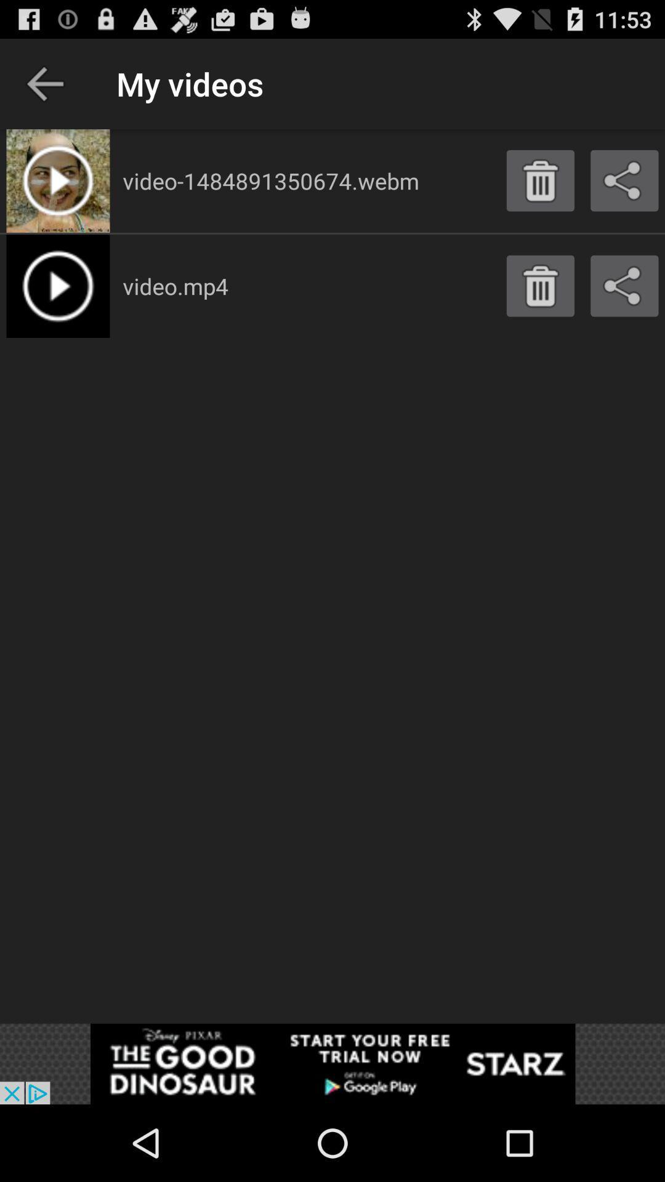  What do you see at coordinates (332, 1063) in the screenshot?
I see `switch autoplay option` at bounding box center [332, 1063].